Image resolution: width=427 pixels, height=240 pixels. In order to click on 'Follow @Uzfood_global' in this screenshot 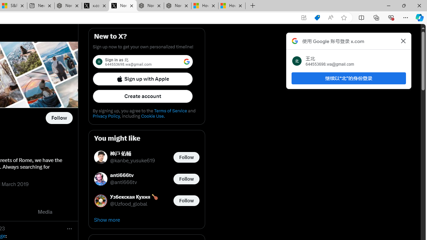, I will do `click(186, 200)`.